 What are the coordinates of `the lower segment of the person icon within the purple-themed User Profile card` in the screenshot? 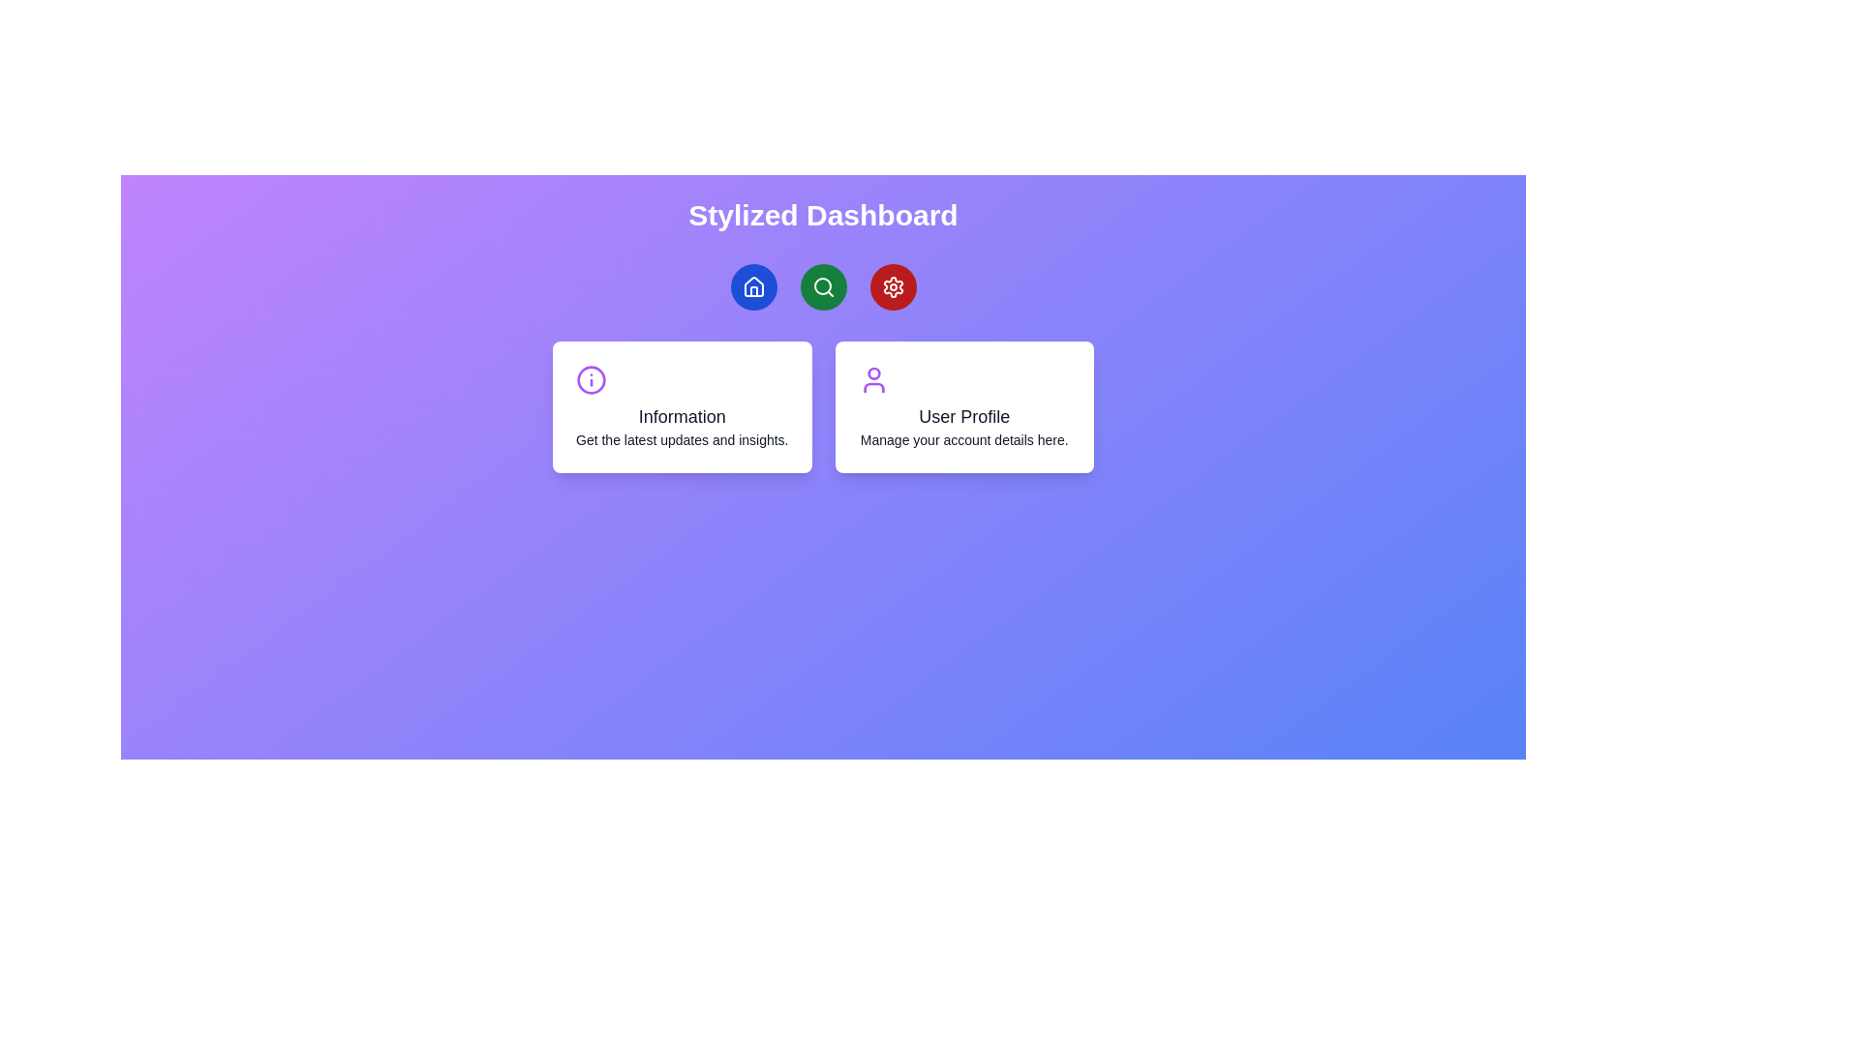 It's located at (872, 388).